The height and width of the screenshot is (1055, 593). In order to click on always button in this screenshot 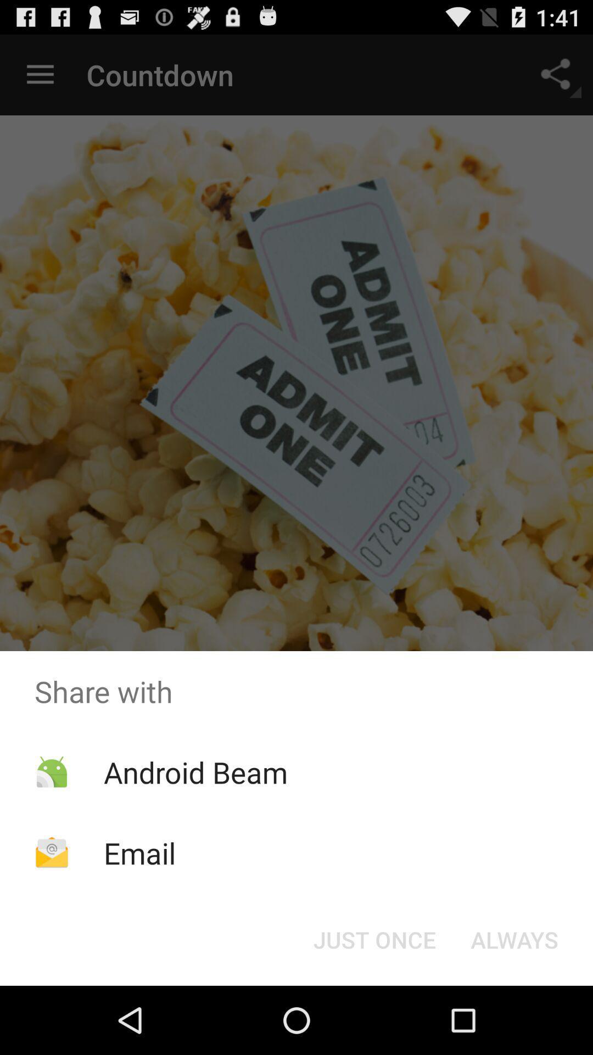, I will do `click(514, 939)`.